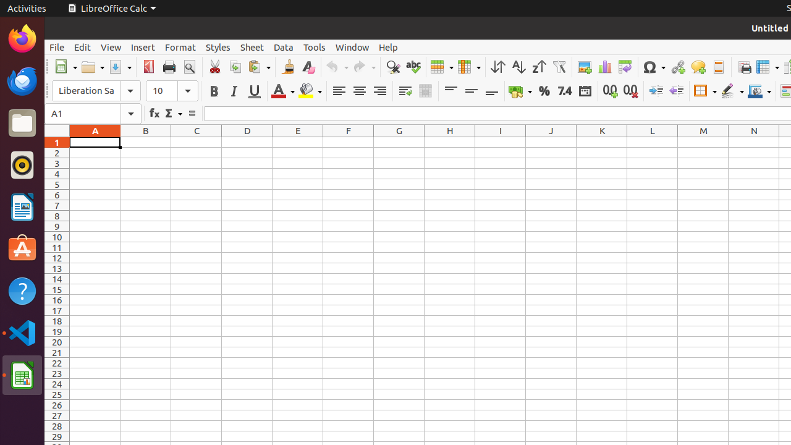  I want to click on 'Italic', so click(234, 90).